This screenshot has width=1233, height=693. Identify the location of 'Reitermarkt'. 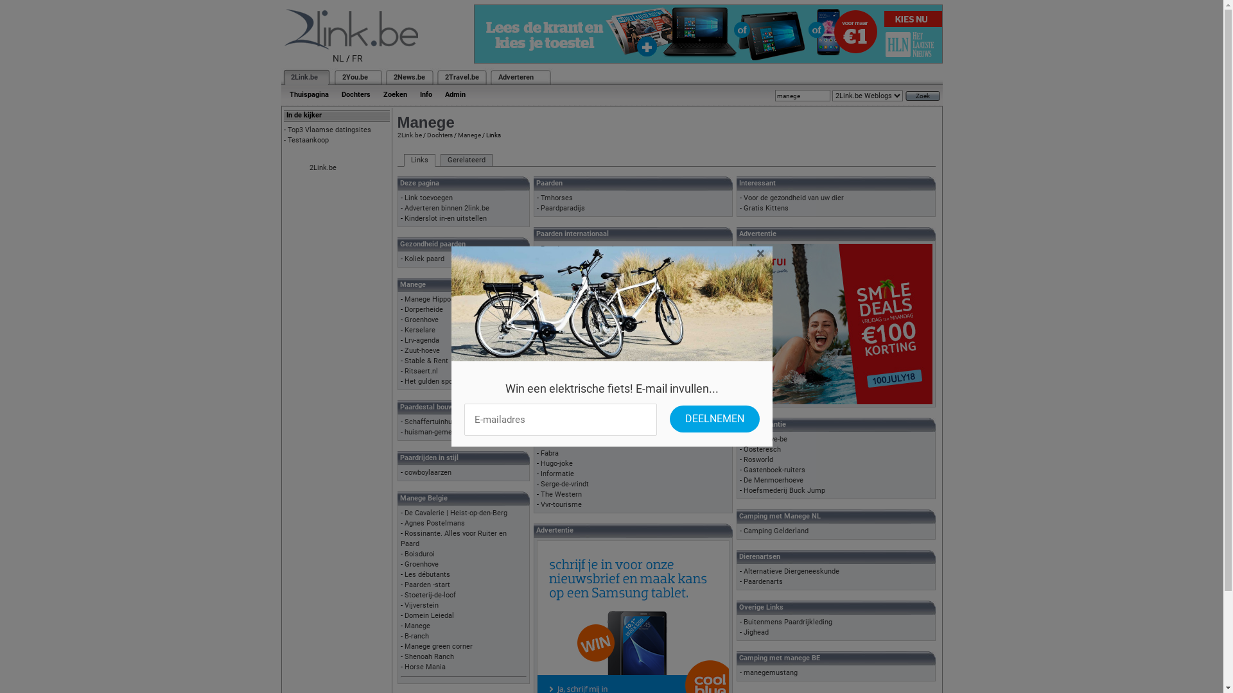
(560, 320).